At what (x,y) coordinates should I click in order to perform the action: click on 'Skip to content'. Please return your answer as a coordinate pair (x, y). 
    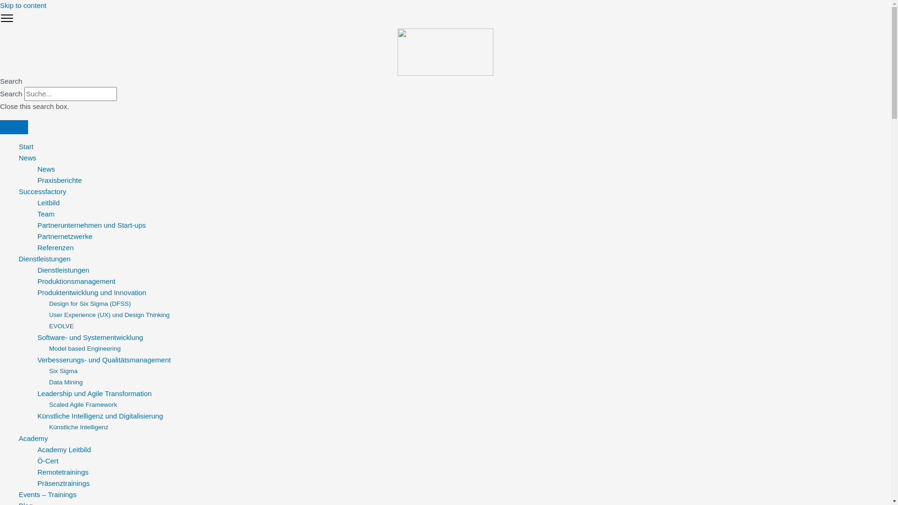
    Looking at the image, I should click on (23, 5).